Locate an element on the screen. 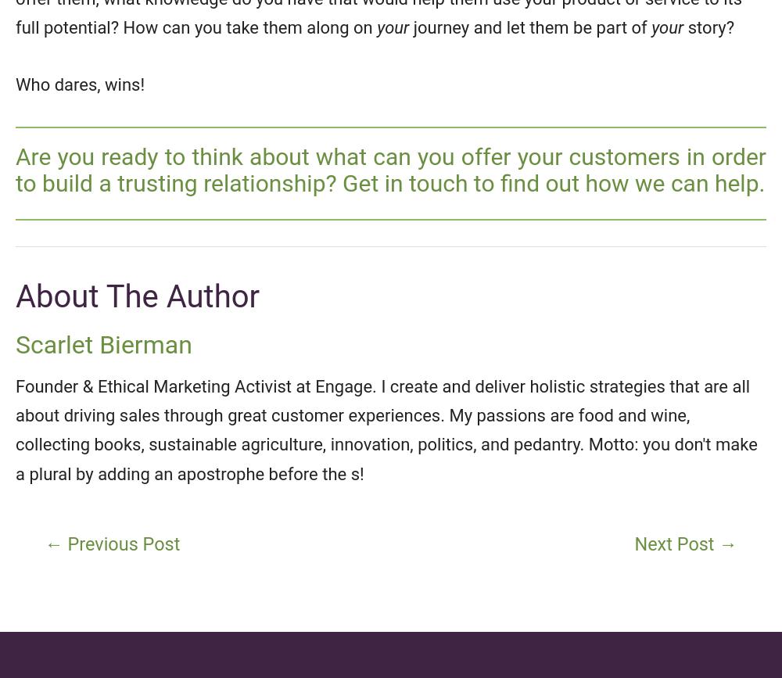 The image size is (782, 678). 'About The Author' is located at coordinates (138, 296).